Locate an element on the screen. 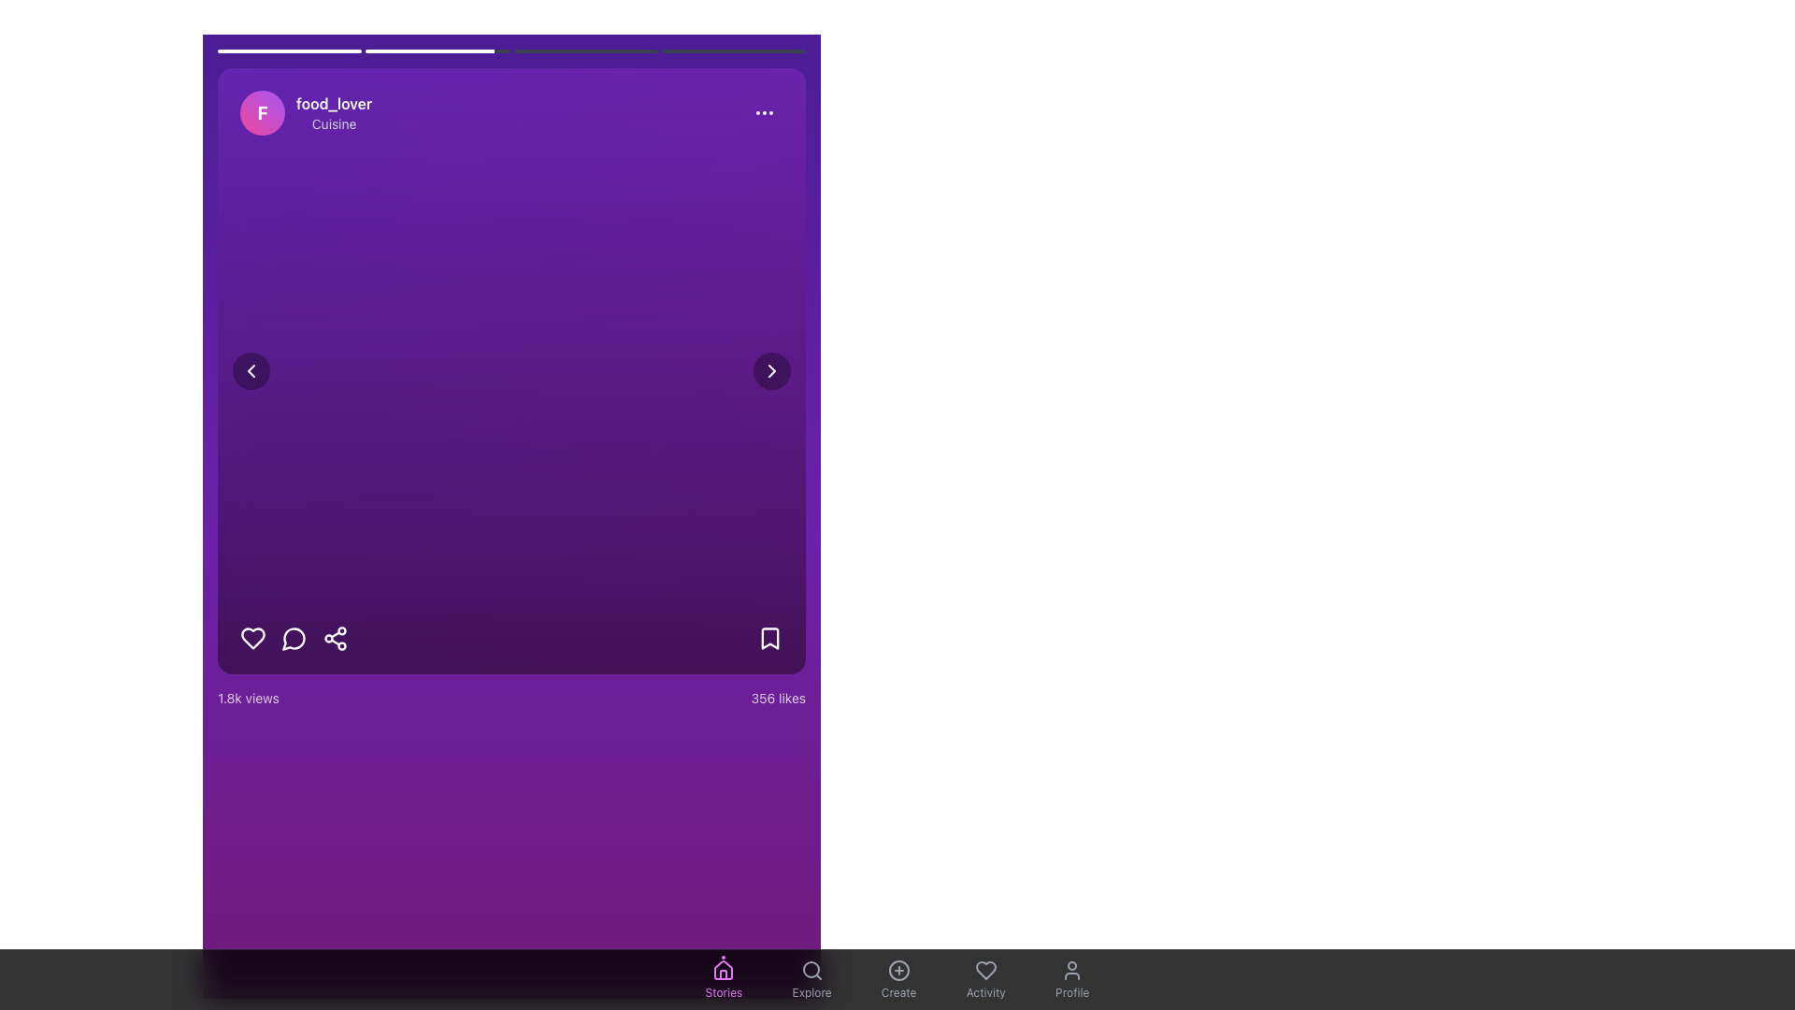 The width and height of the screenshot is (1795, 1010). the user icon button in the navigation bar that is styled with a gray color and transitions to fuchsia on hover, labeled 'Profile' is located at coordinates (1072, 969).